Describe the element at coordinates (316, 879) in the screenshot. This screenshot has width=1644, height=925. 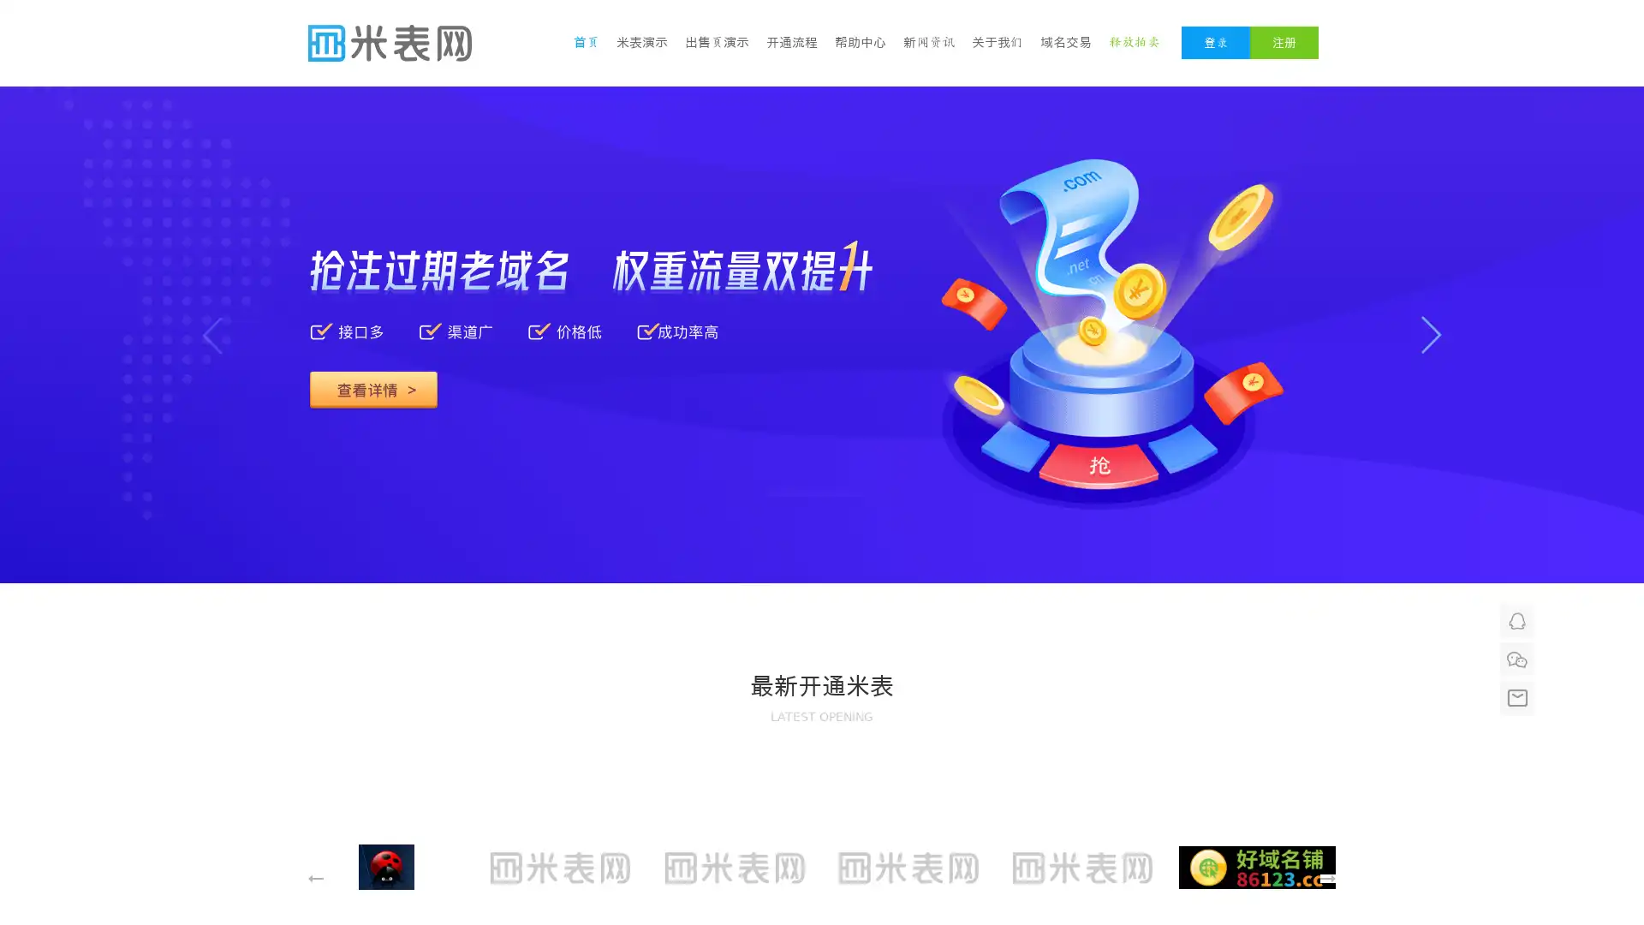
I see `Previous slide` at that location.